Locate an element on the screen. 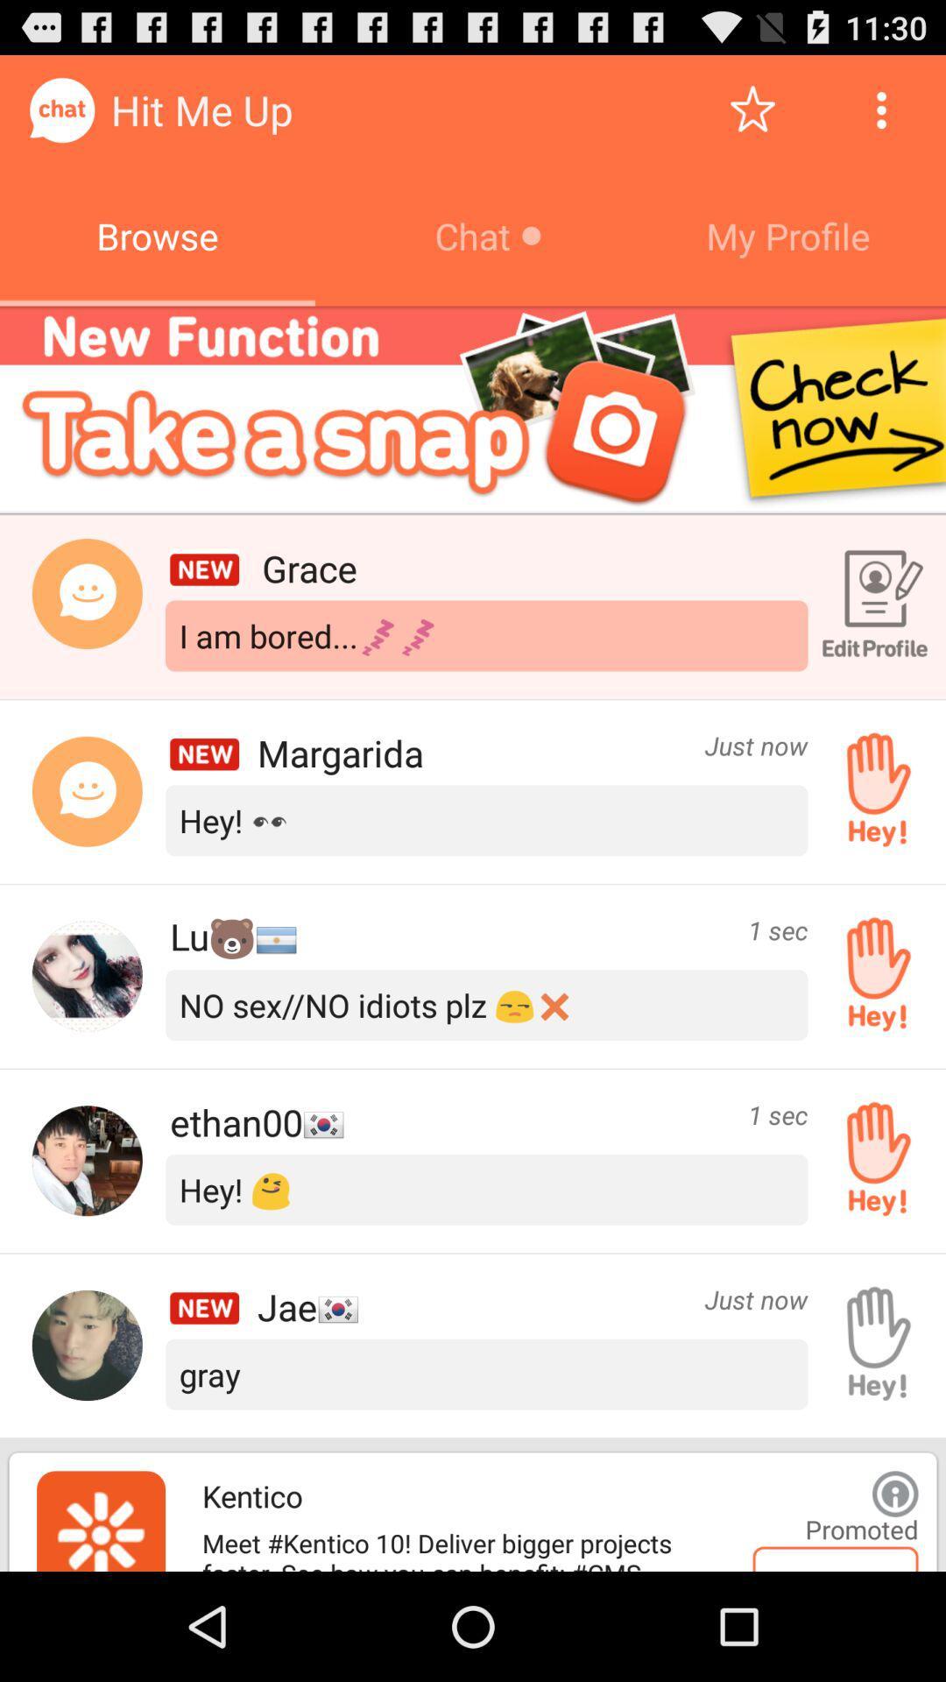 The image size is (946, 1682). open advertisement is located at coordinates (473, 409).